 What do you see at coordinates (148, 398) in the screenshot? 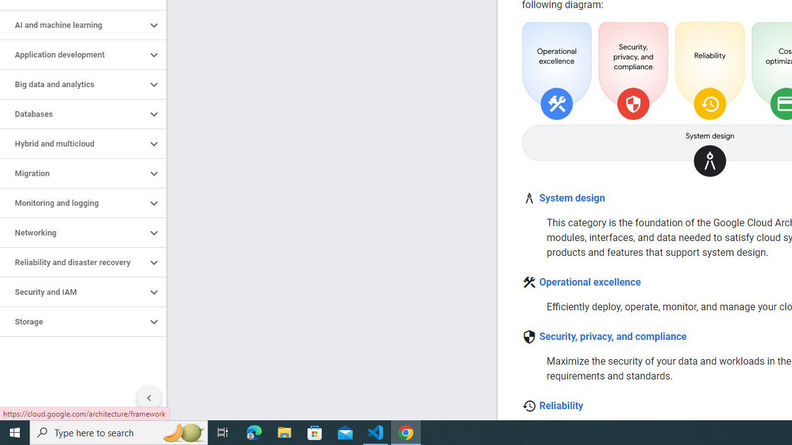
I see `'Hide side navigation'` at bounding box center [148, 398].